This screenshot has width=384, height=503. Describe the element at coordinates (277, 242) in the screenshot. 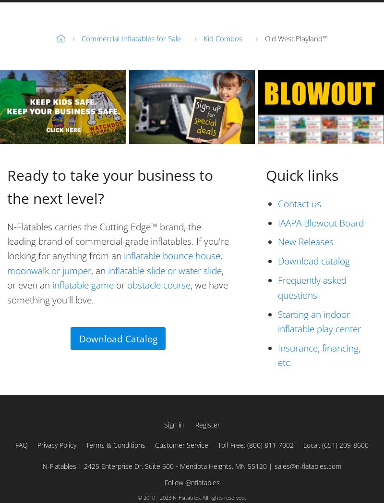

I see `'New Releases'` at that location.